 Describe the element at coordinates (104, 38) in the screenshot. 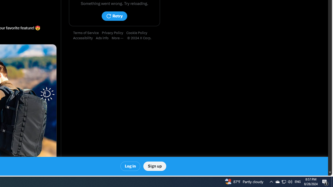

I see `'Ads info'` at that location.